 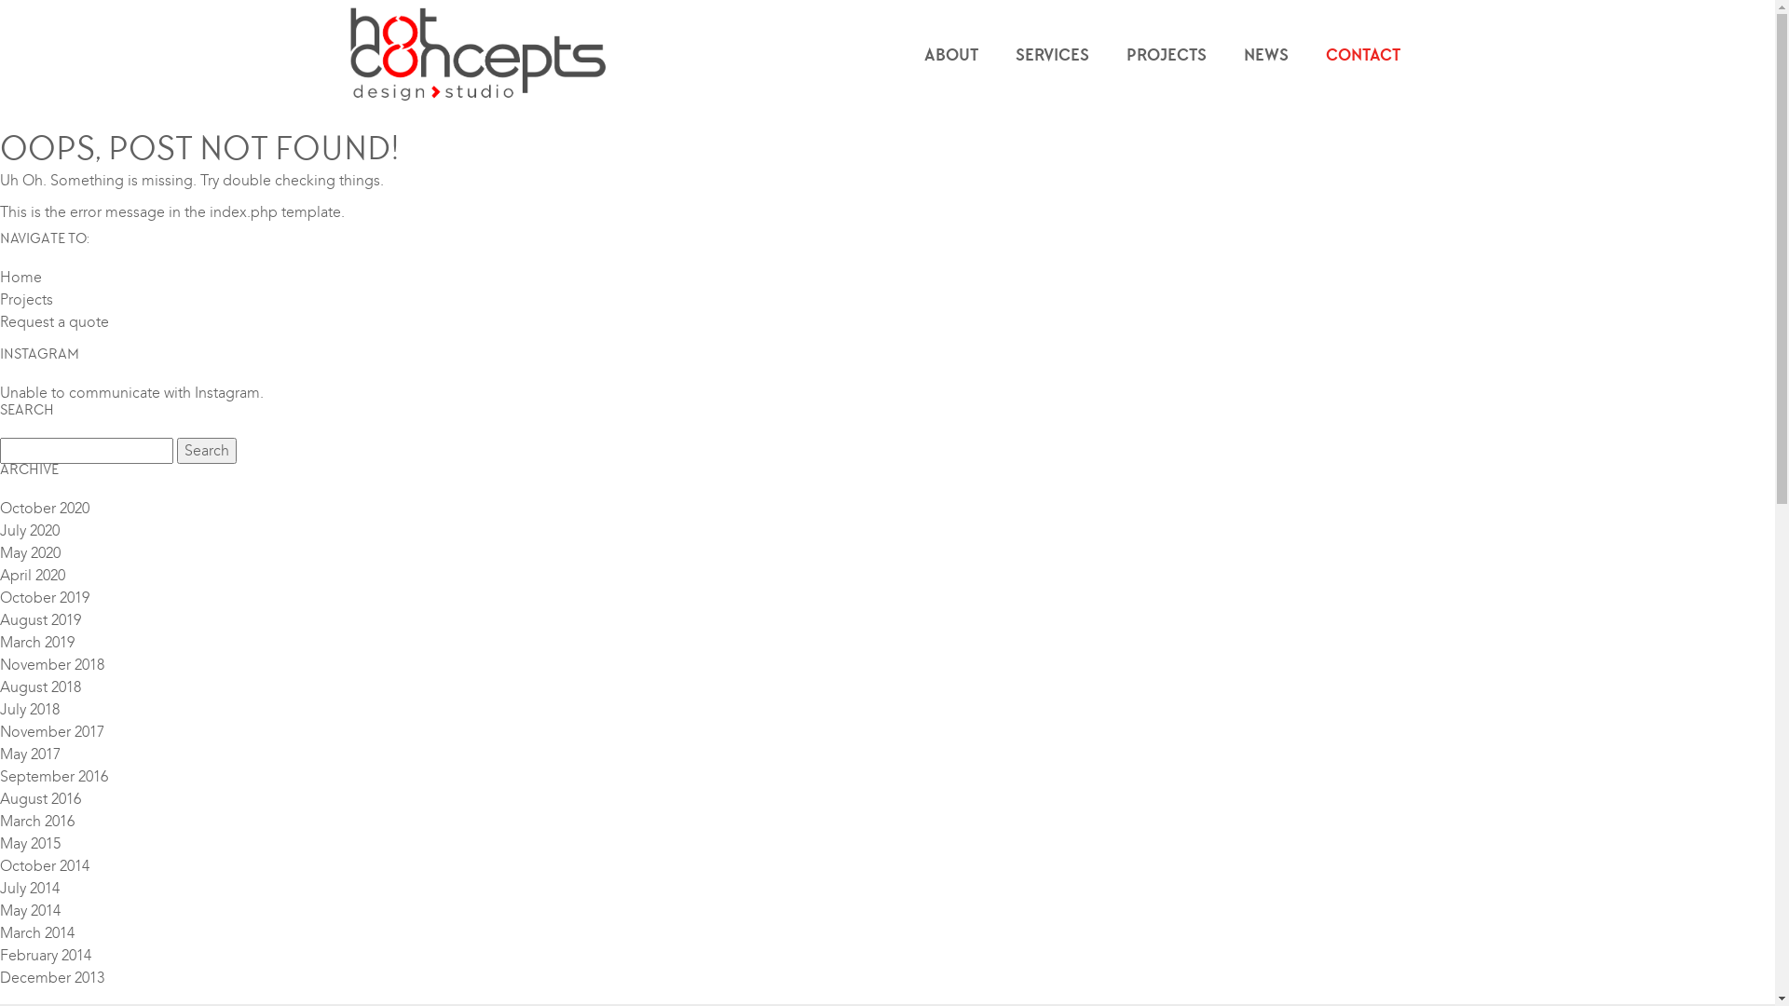 I want to click on 'March 2014', so click(x=36, y=933).